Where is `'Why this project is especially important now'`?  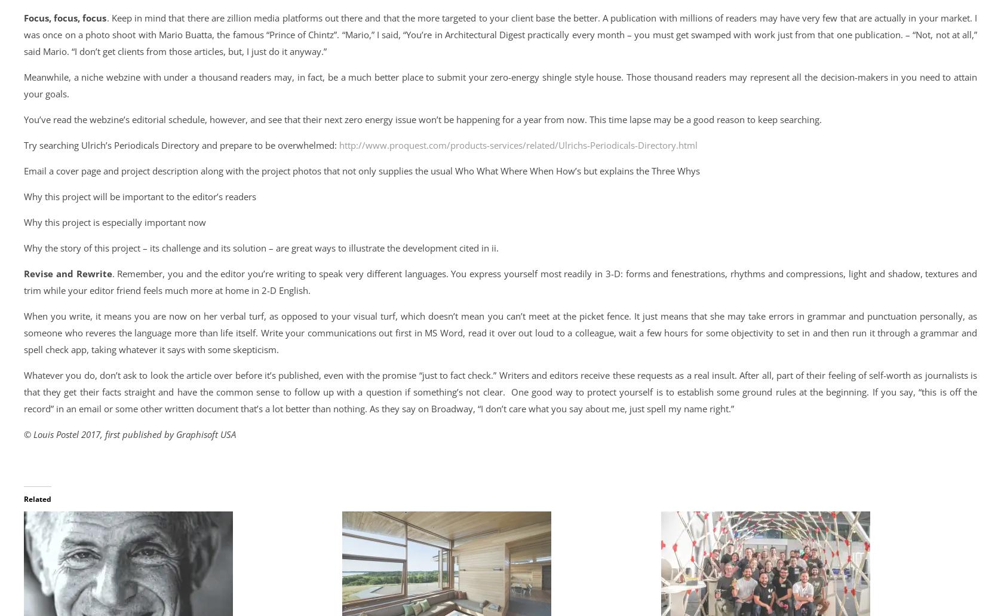
'Why this project is especially important now' is located at coordinates (115, 221).